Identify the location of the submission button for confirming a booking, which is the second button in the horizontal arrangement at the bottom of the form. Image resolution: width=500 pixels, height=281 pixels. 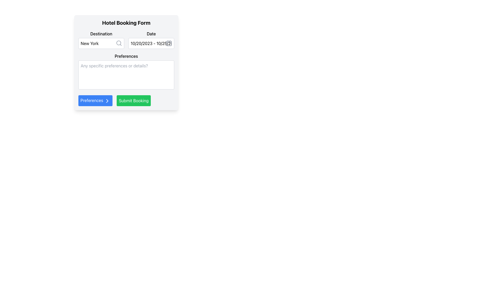
(134, 100).